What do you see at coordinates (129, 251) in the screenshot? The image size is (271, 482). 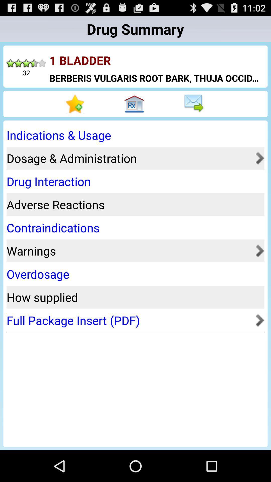 I see `the app above the overdosage` at bounding box center [129, 251].